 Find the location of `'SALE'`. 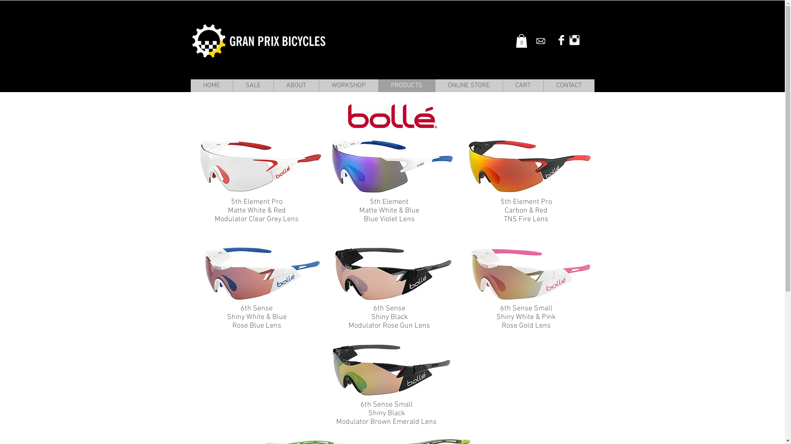

'SALE' is located at coordinates (252, 86).